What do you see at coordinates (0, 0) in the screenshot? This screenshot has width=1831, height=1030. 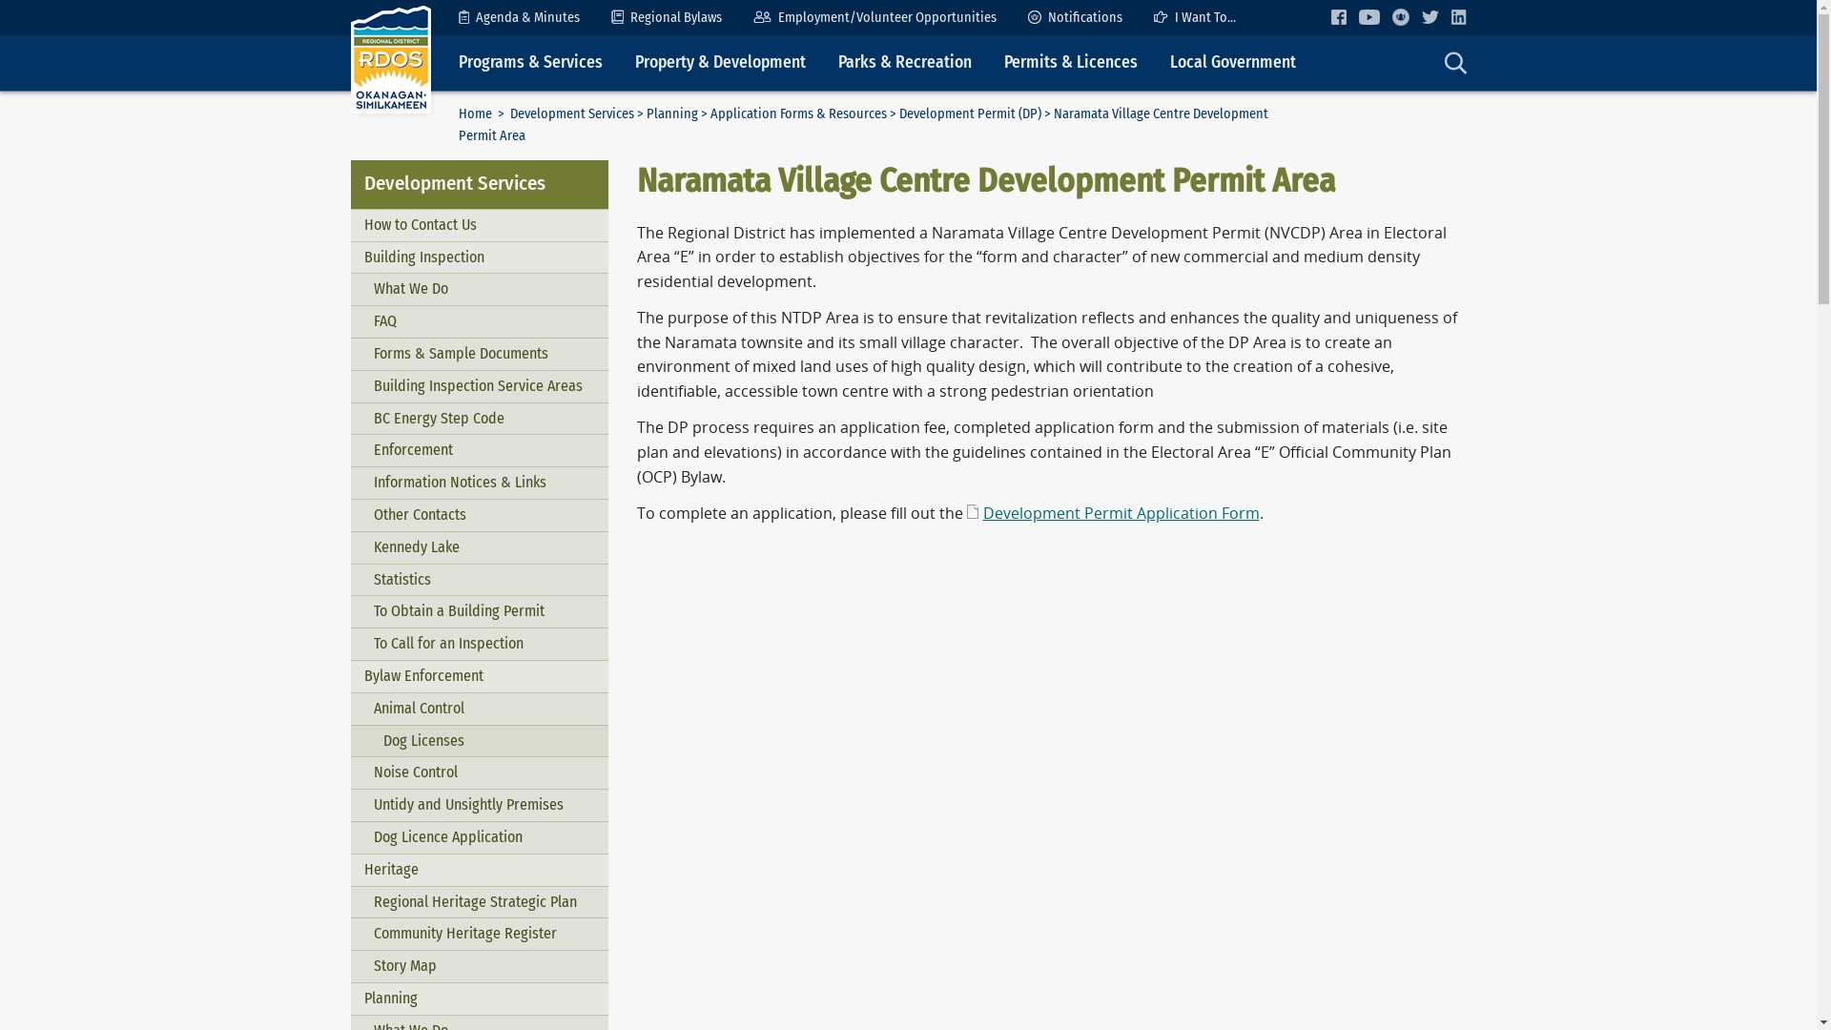 I see `'Skip to Content'` at bounding box center [0, 0].